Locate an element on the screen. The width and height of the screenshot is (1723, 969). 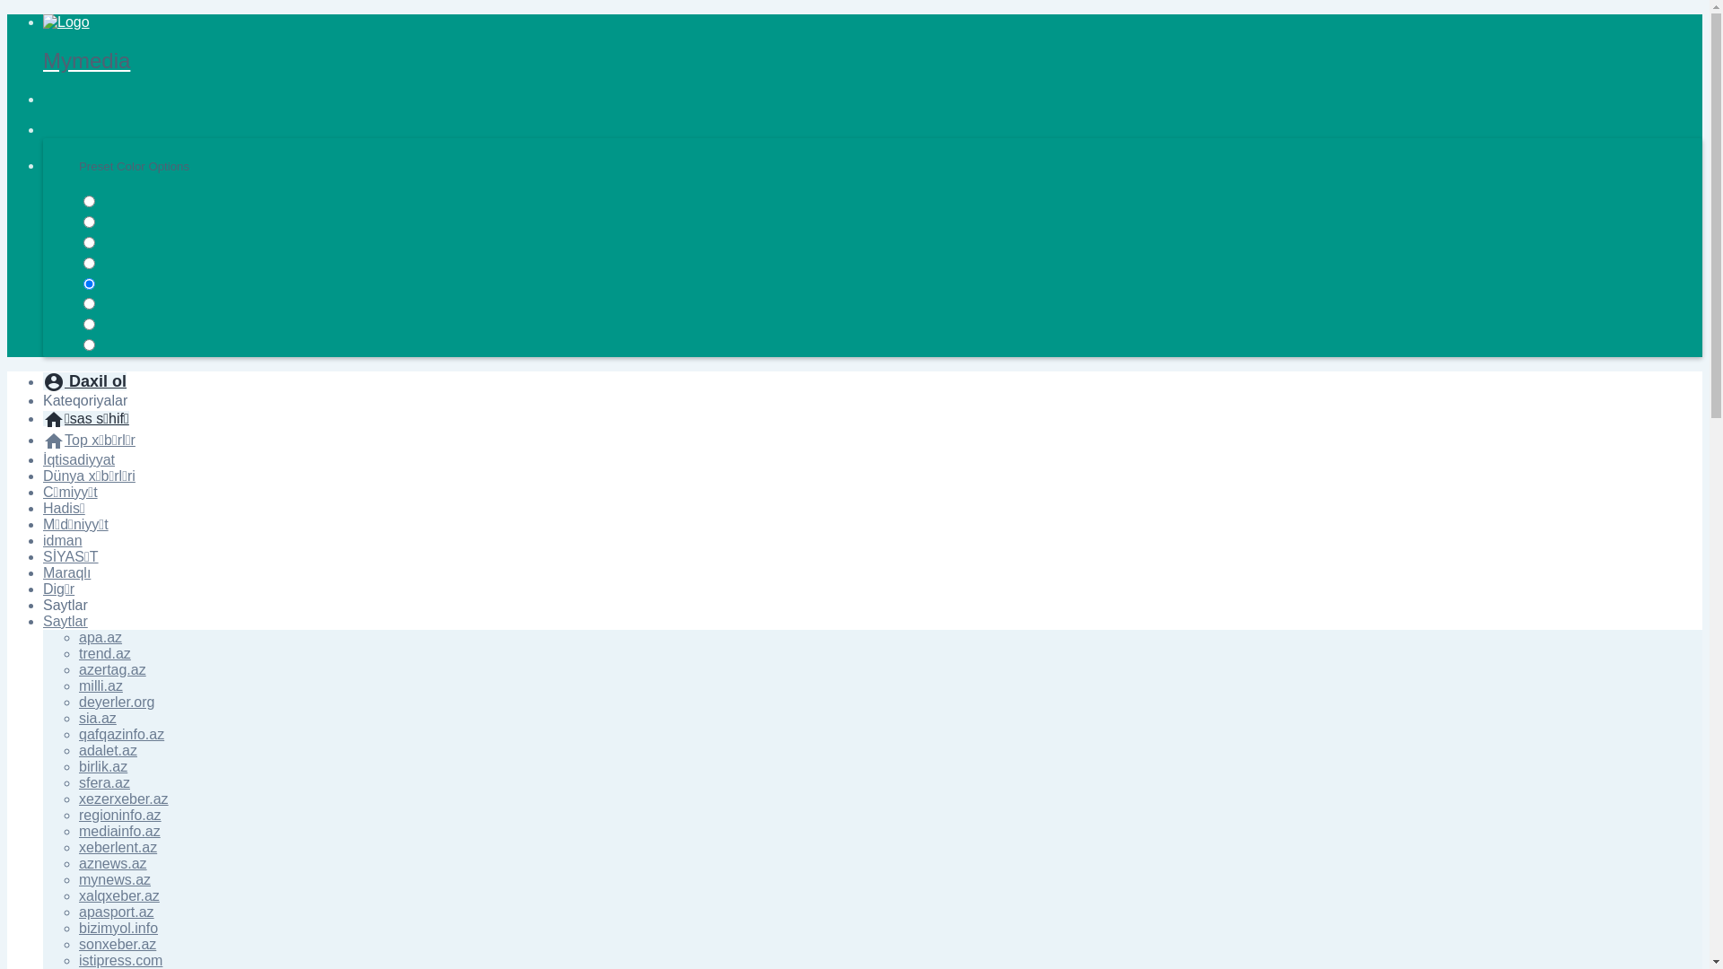
'mynews.az' is located at coordinates (114, 878).